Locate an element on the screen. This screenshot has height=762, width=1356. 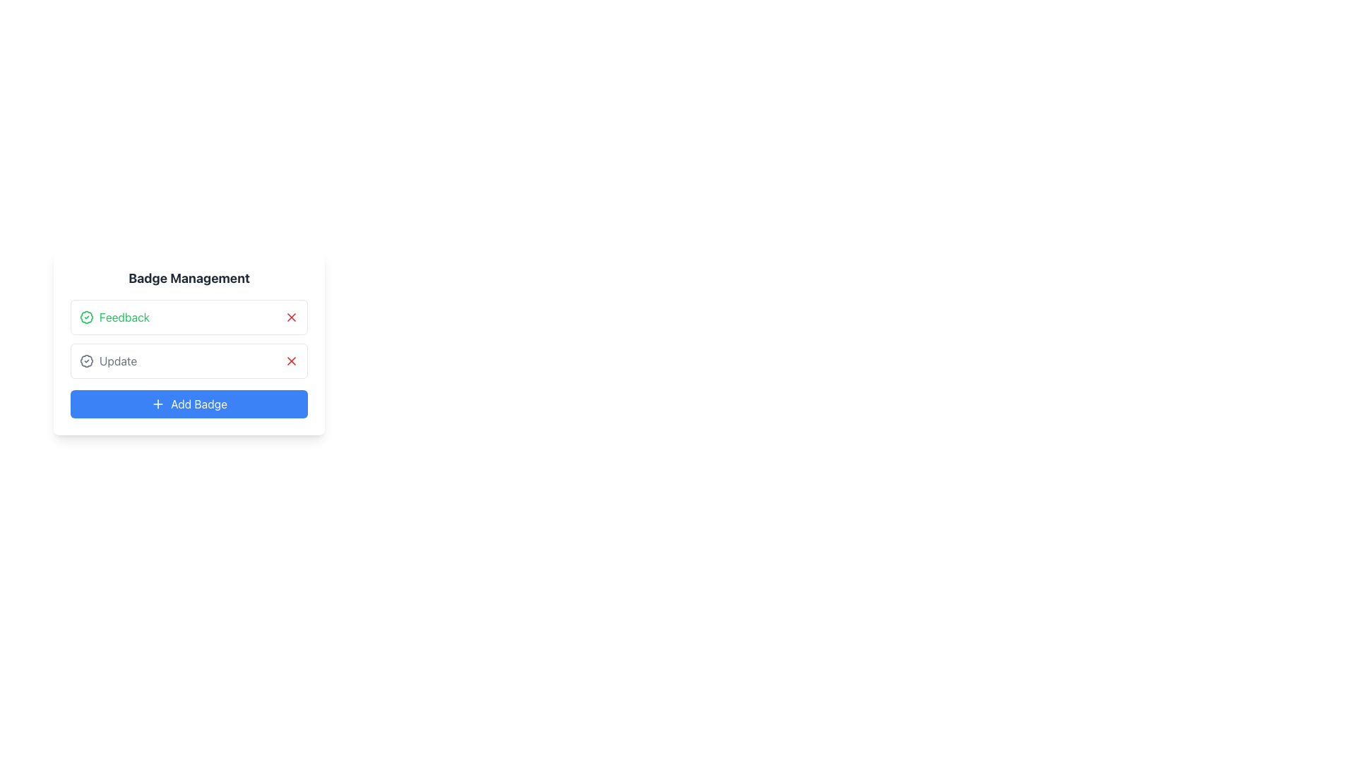
the circular icon with a scalloped edge pattern located in the 'Feedback' section of the Badge Management interface, which is the leftmost element in the 'Feedback' badge row is located at coordinates (86, 317).